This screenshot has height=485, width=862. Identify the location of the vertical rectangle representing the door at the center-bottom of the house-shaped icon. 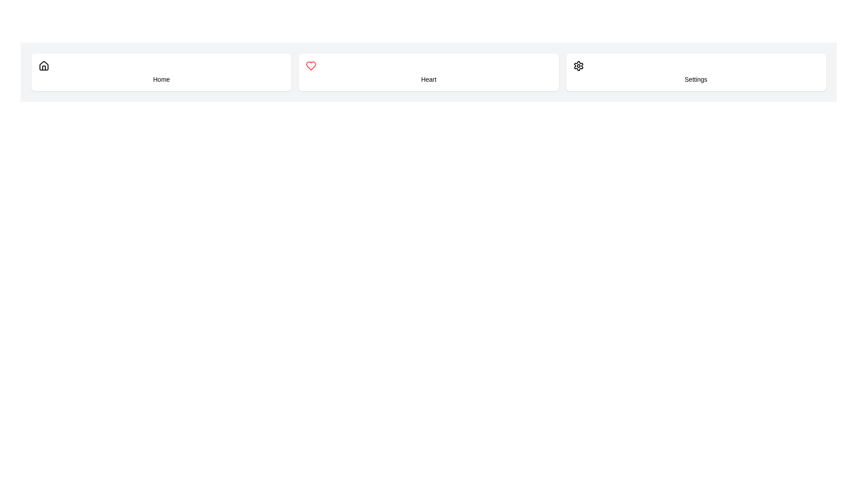
(43, 67).